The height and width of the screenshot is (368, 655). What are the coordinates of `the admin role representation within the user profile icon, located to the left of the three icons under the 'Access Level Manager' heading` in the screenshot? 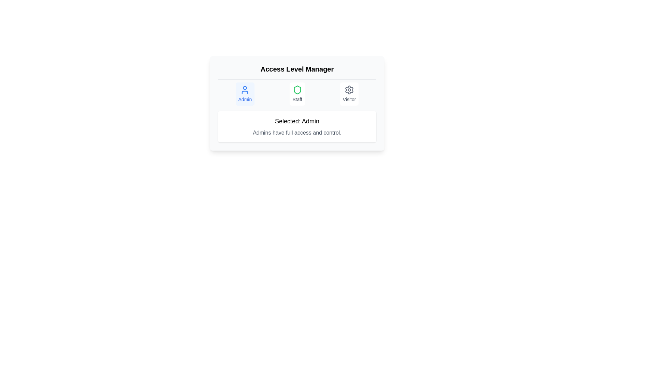 It's located at (245, 88).